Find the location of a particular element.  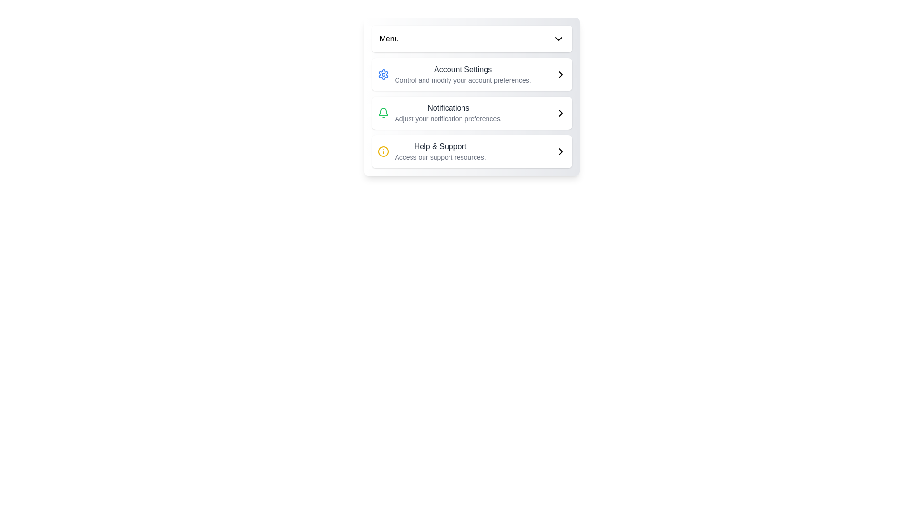

the bell-shaped notification icon located in the second row of the menu, following the Account Settings section and above Help & Support is located at coordinates (383, 111).